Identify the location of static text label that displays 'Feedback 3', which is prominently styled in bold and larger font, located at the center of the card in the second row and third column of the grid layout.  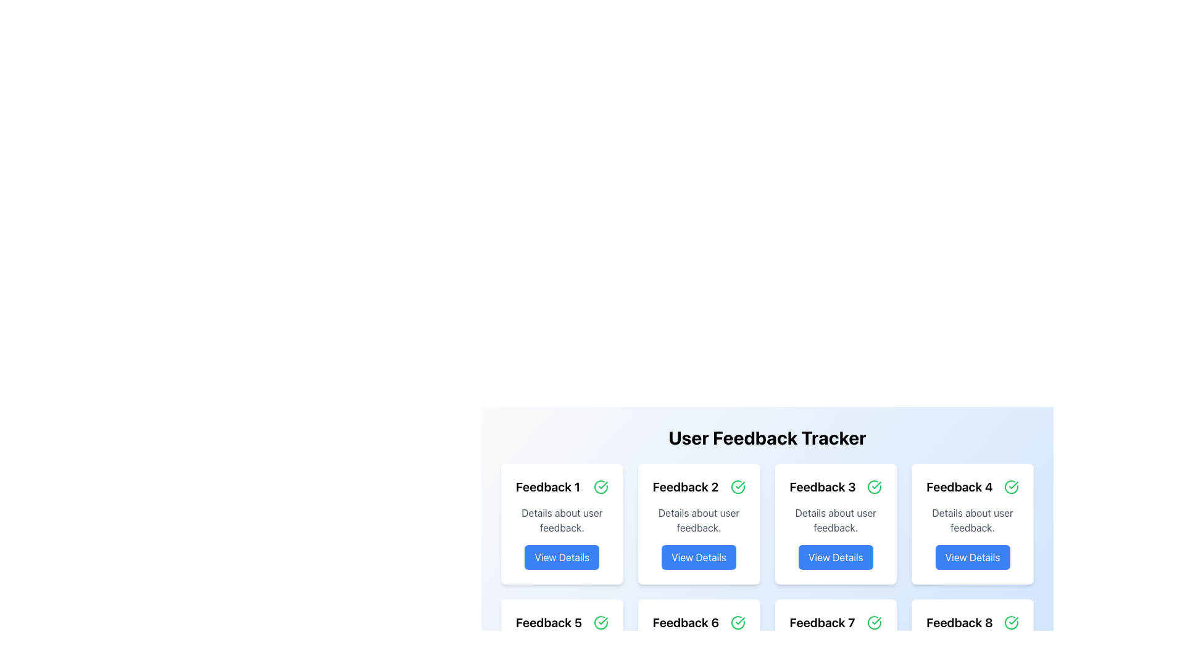
(823, 487).